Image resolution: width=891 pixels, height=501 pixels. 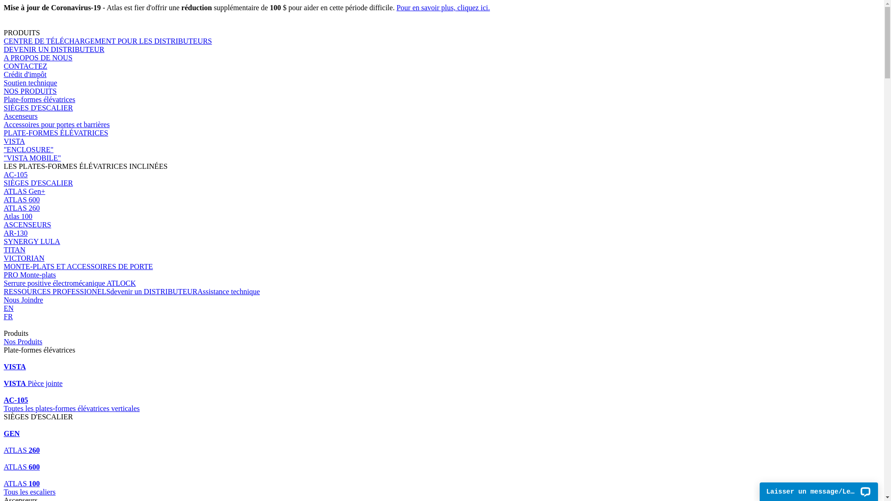 I want to click on 'RESSOURCES PROFESSIONELS', so click(x=57, y=291).